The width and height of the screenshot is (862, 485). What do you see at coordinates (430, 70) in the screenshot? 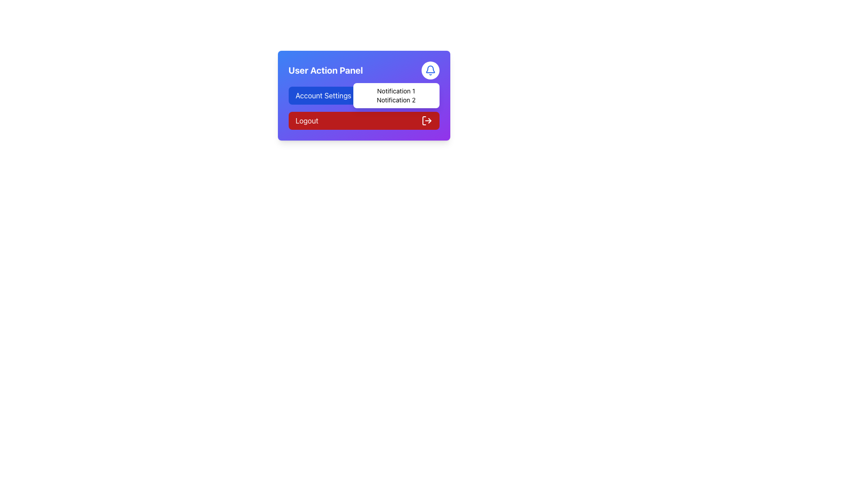
I see `the circular icon button in the top right corner of the user action panel` at bounding box center [430, 70].